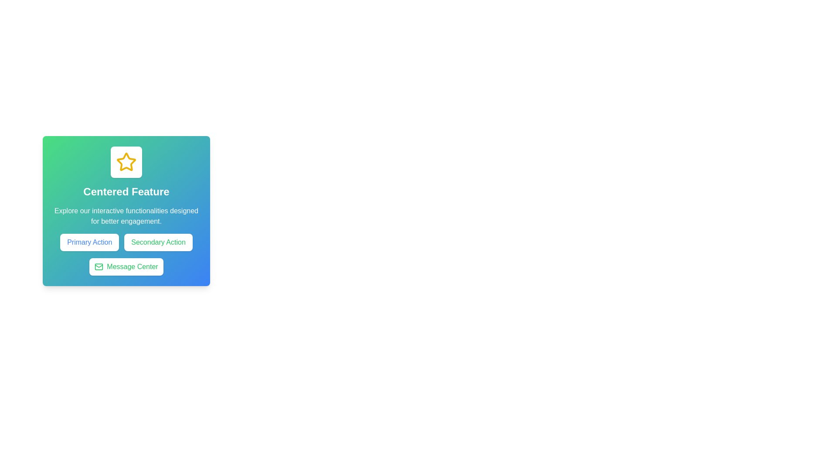 Image resolution: width=837 pixels, height=471 pixels. Describe the element at coordinates (99, 266) in the screenshot. I see `the 'Message Center' icon, which visually represents the functionality of the button and is located to the left of the text 'Message Center'` at that location.